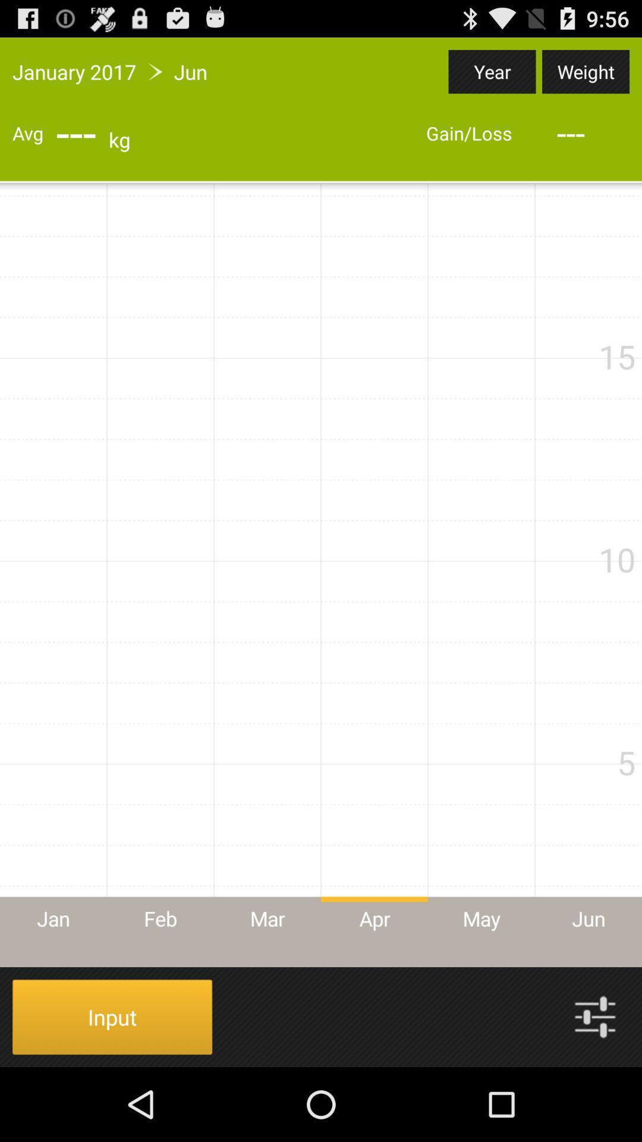 This screenshot has width=642, height=1142. Describe the element at coordinates (492, 71) in the screenshot. I see `the icon to the right of jun icon` at that location.